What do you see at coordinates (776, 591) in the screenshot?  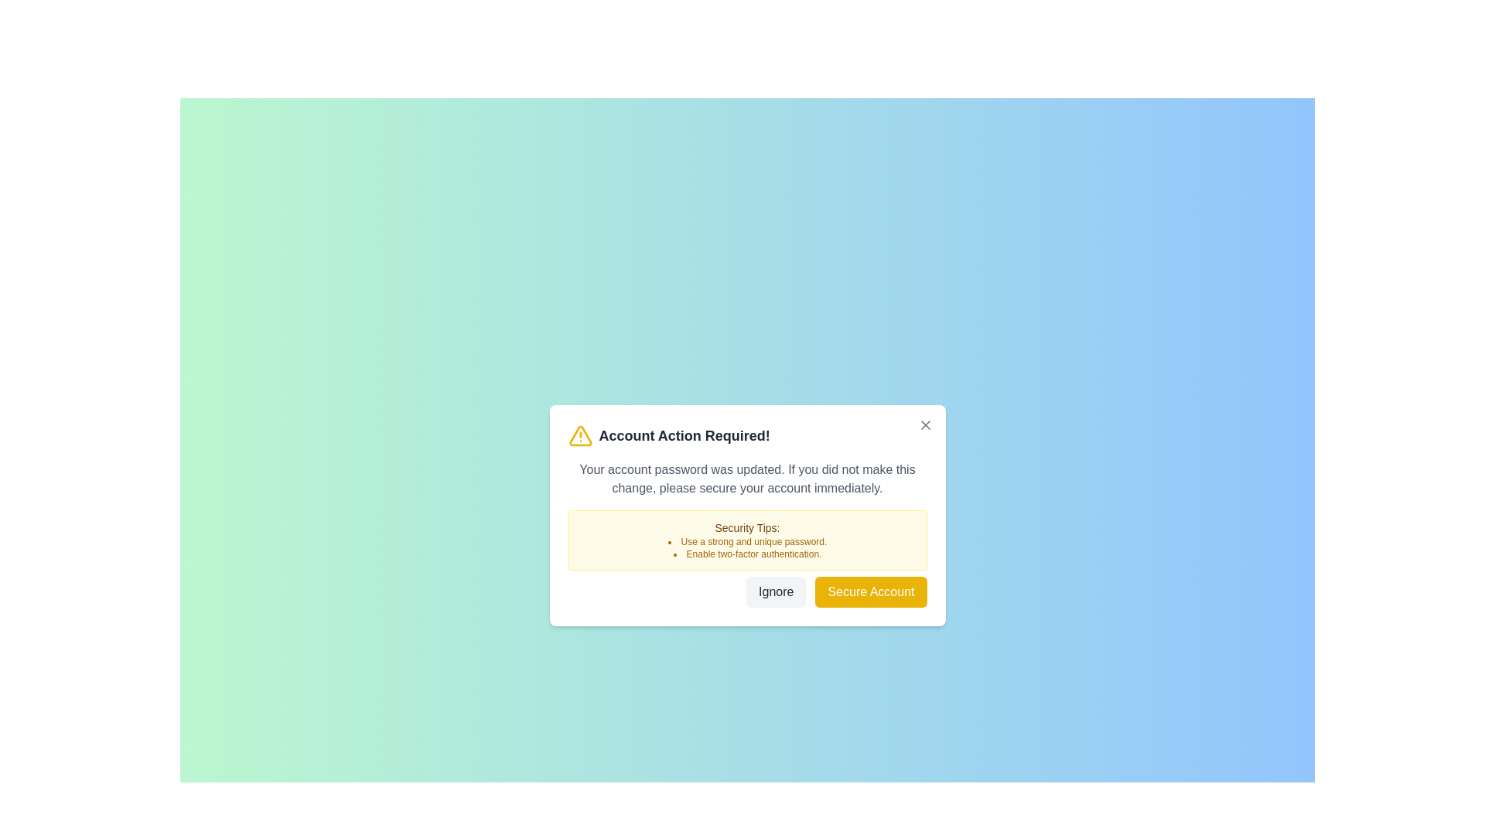 I see `the 'Ignore' button to acknowledge the notification` at bounding box center [776, 591].